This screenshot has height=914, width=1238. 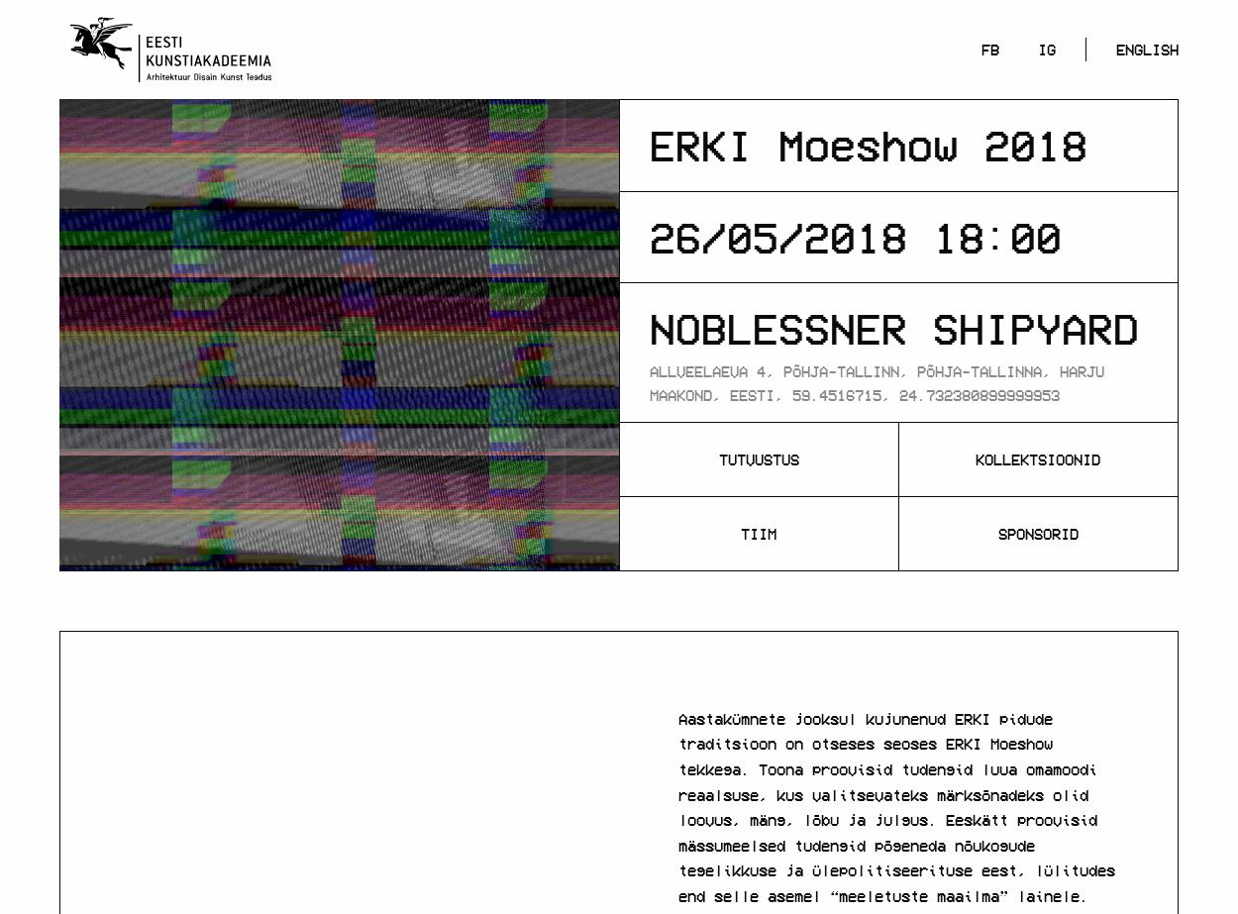 I want to click on 'Tutvustus', so click(x=758, y=457).